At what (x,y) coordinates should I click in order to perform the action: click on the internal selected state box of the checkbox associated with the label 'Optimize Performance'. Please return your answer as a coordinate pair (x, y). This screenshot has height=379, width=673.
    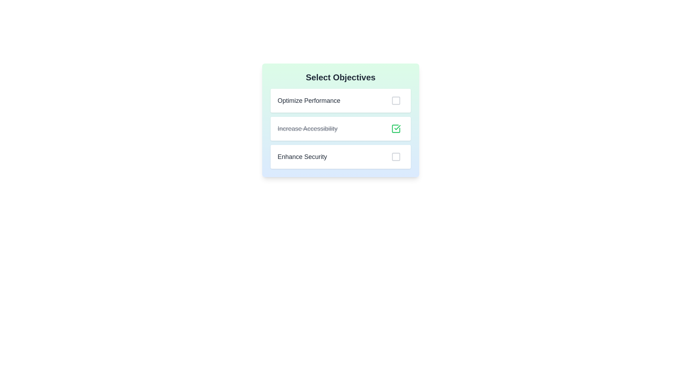
    Looking at the image, I should click on (396, 100).